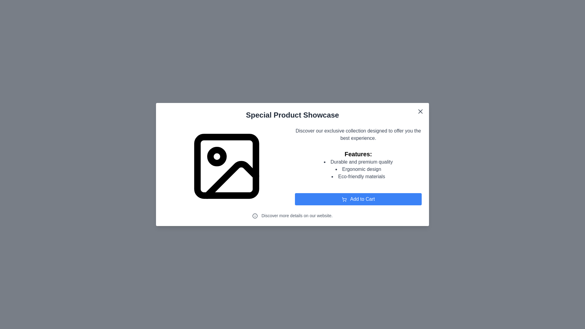  What do you see at coordinates (226, 166) in the screenshot?
I see `the Decoration element within the SVG graphic located in the center-left section of the modal dialog box, which serves as a background or shadow detail` at bounding box center [226, 166].